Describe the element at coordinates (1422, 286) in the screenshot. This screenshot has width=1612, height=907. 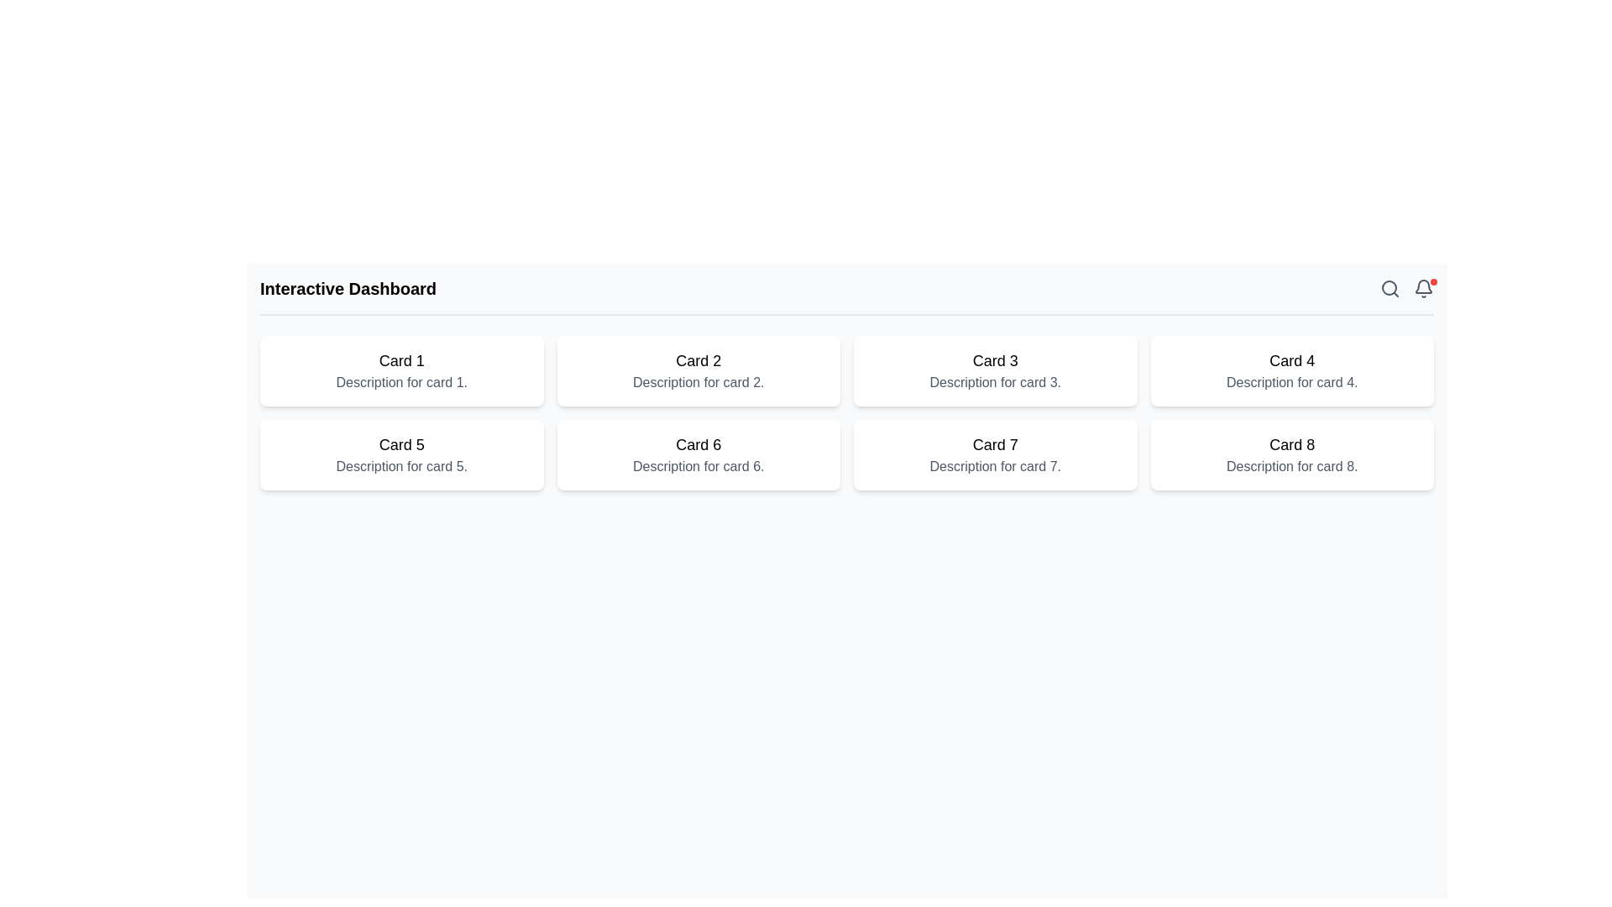
I see `the notification bell icon located at the upper-right corner of the interface` at that location.